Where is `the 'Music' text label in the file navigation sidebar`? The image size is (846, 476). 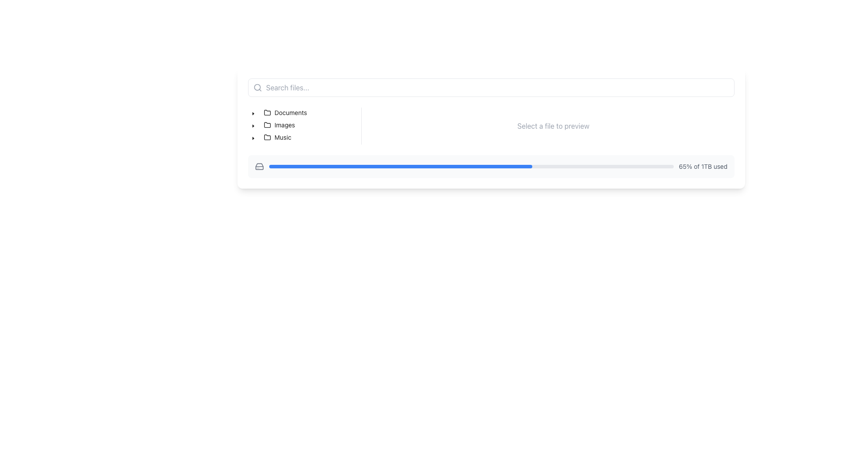
the 'Music' text label in the file navigation sidebar is located at coordinates (283, 138).